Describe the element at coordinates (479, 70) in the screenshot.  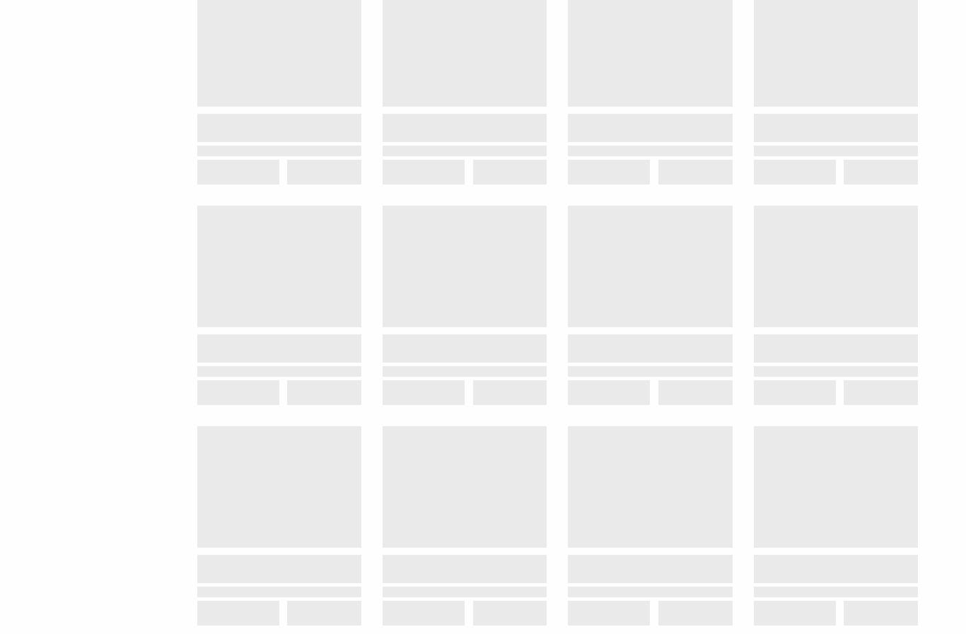
I see `'Email Support'` at that location.